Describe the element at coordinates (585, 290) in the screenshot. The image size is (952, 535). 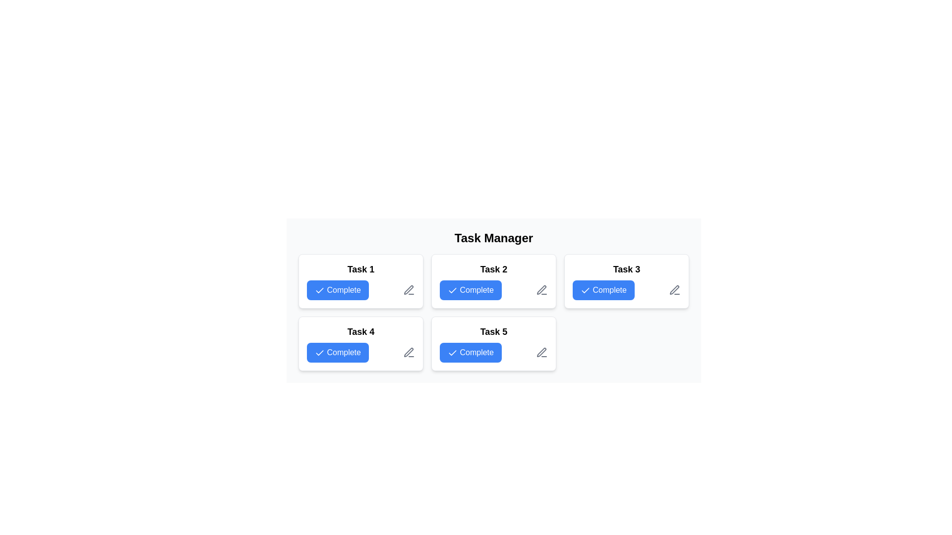
I see `the checkmark icon within the blue 'Complete' button located in the 'Task 3' card on the third column of the top row` at that location.